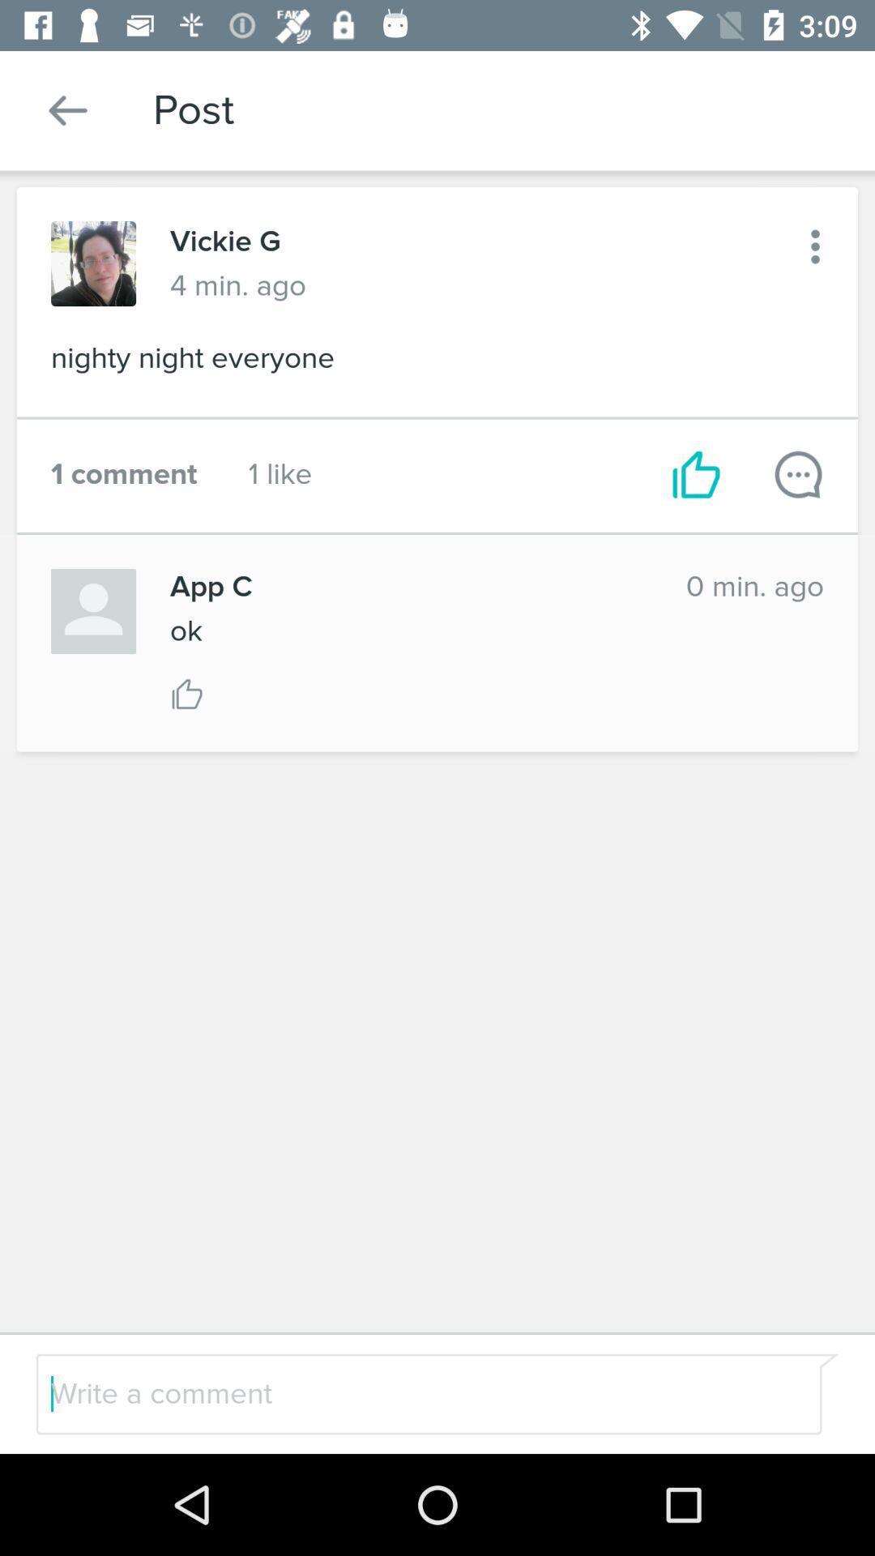  What do you see at coordinates (225, 241) in the screenshot?
I see `vickie g` at bounding box center [225, 241].